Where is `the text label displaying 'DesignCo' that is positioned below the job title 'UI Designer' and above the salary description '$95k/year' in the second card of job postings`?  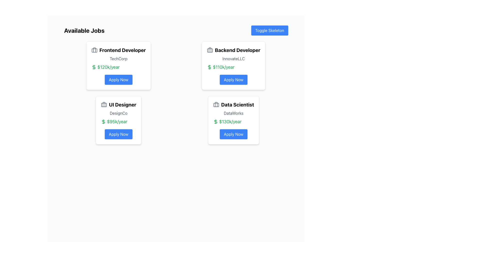 the text label displaying 'DesignCo' that is positioned below the job title 'UI Designer' and above the salary description '$95k/year' in the second card of job postings is located at coordinates (118, 113).